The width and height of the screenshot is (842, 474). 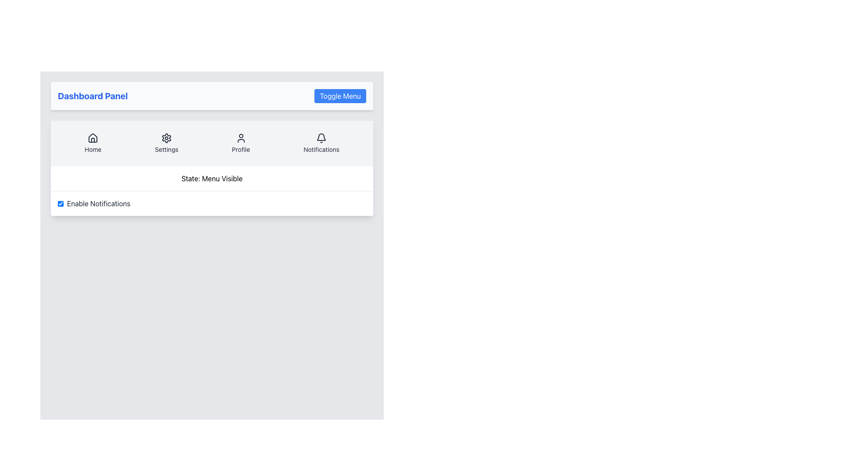 What do you see at coordinates (93, 143) in the screenshot?
I see `the 'Home' navigation button in the top navigation bar` at bounding box center [93, 143].